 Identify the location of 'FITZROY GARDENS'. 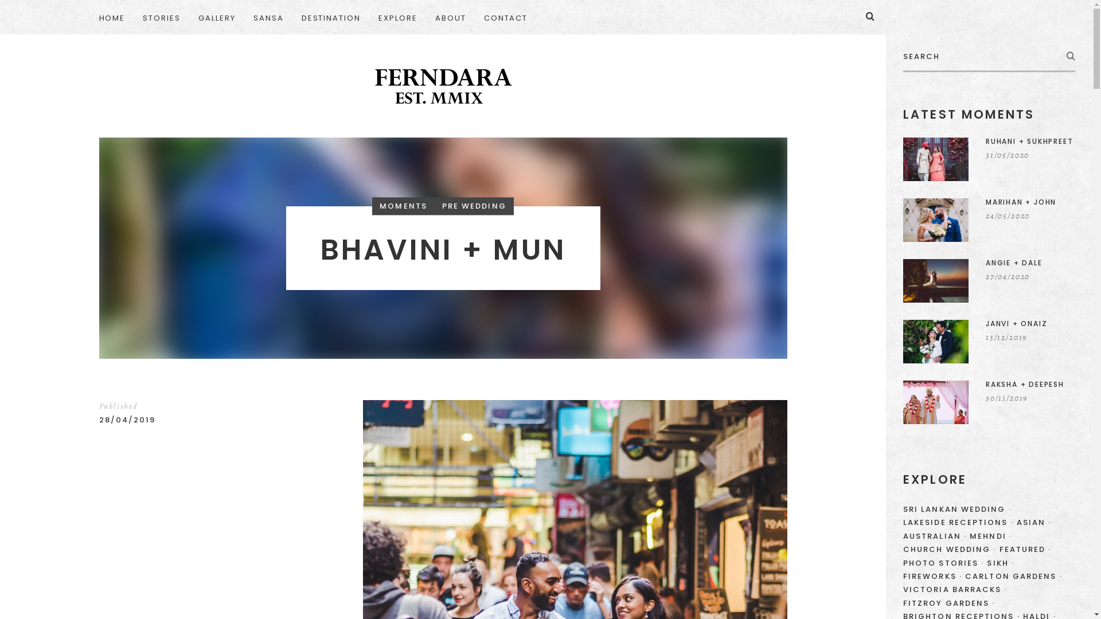
(949, 602).